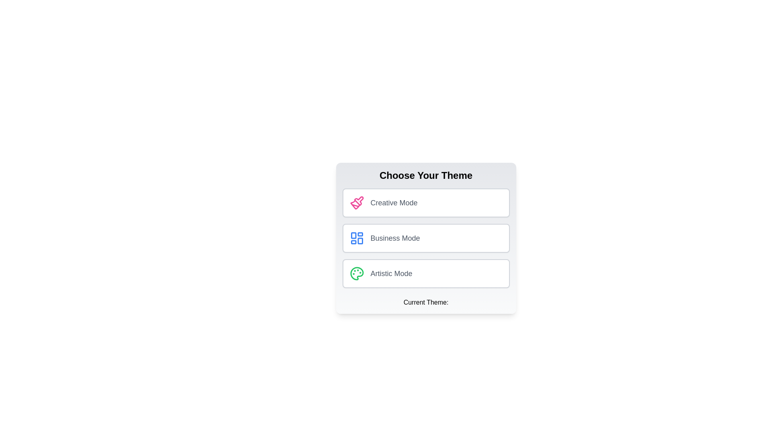  I want to click on the button corresponding to the selected theme: Creative Mode, so click(425, 203).